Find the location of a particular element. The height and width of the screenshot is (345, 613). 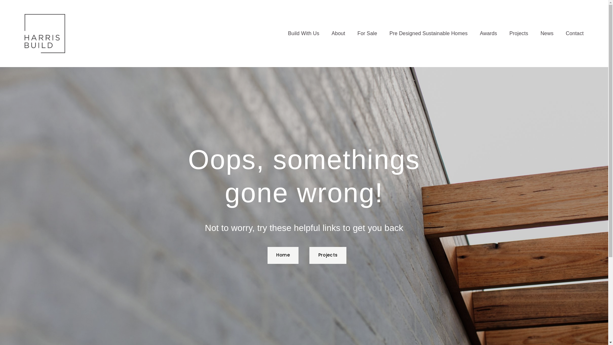

'About' is located at coordinates (338, 33).